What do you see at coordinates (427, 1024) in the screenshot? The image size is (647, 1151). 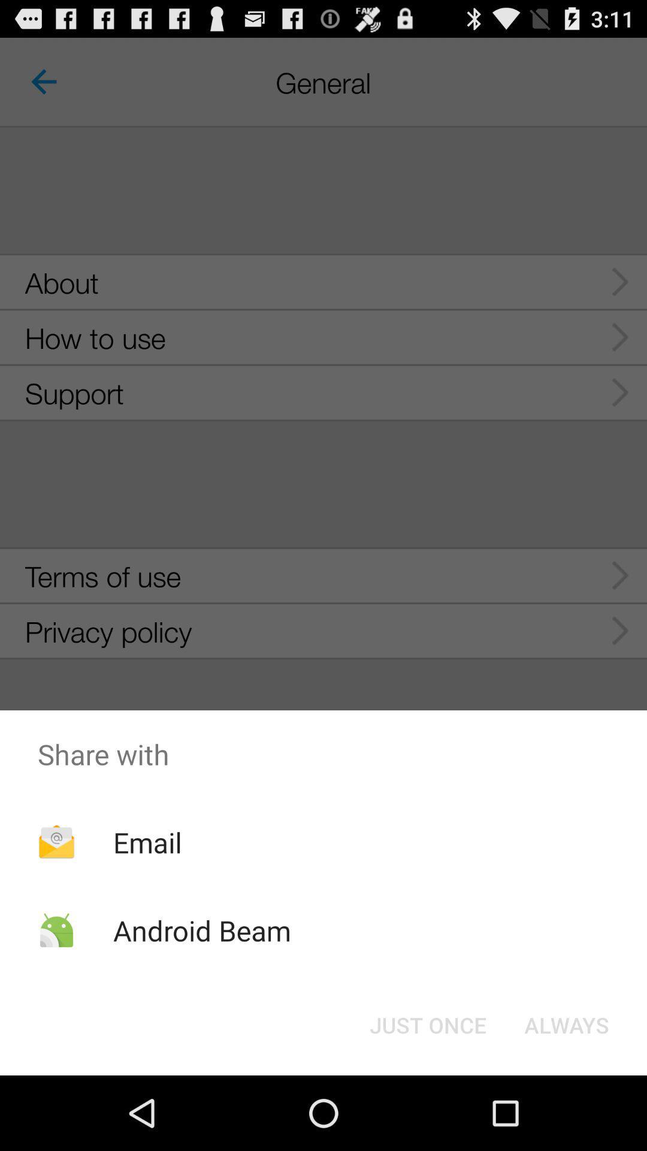 I see `the icon to the left of the always item` at bounding box center [427, 1024].